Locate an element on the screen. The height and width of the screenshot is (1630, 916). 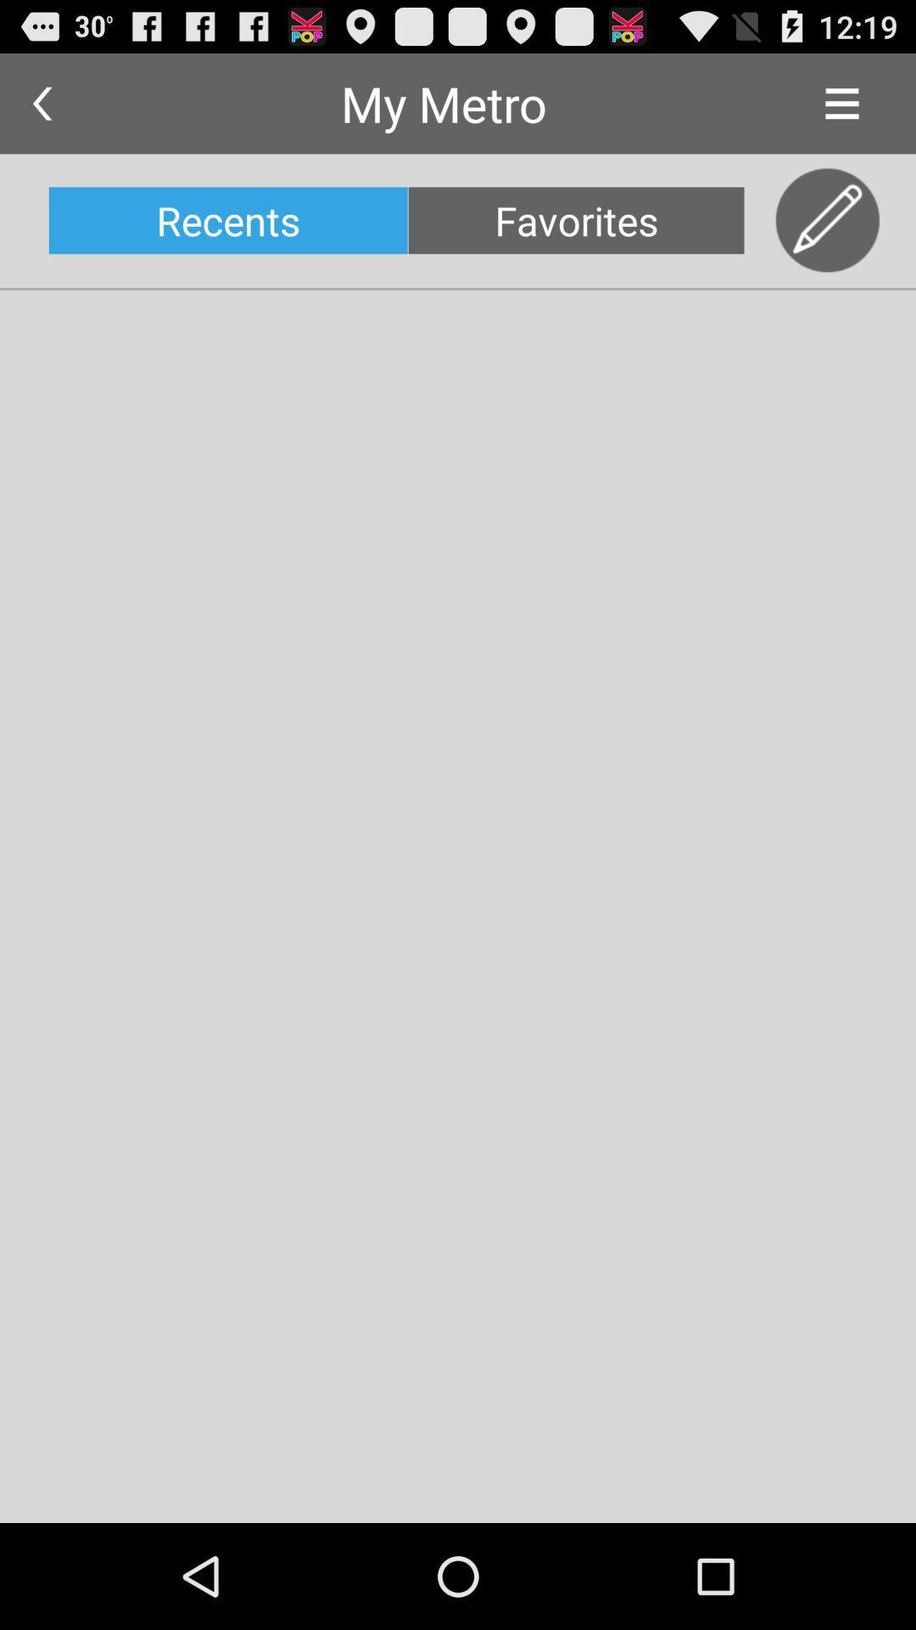
recents item is located at coordinates (227, 219).